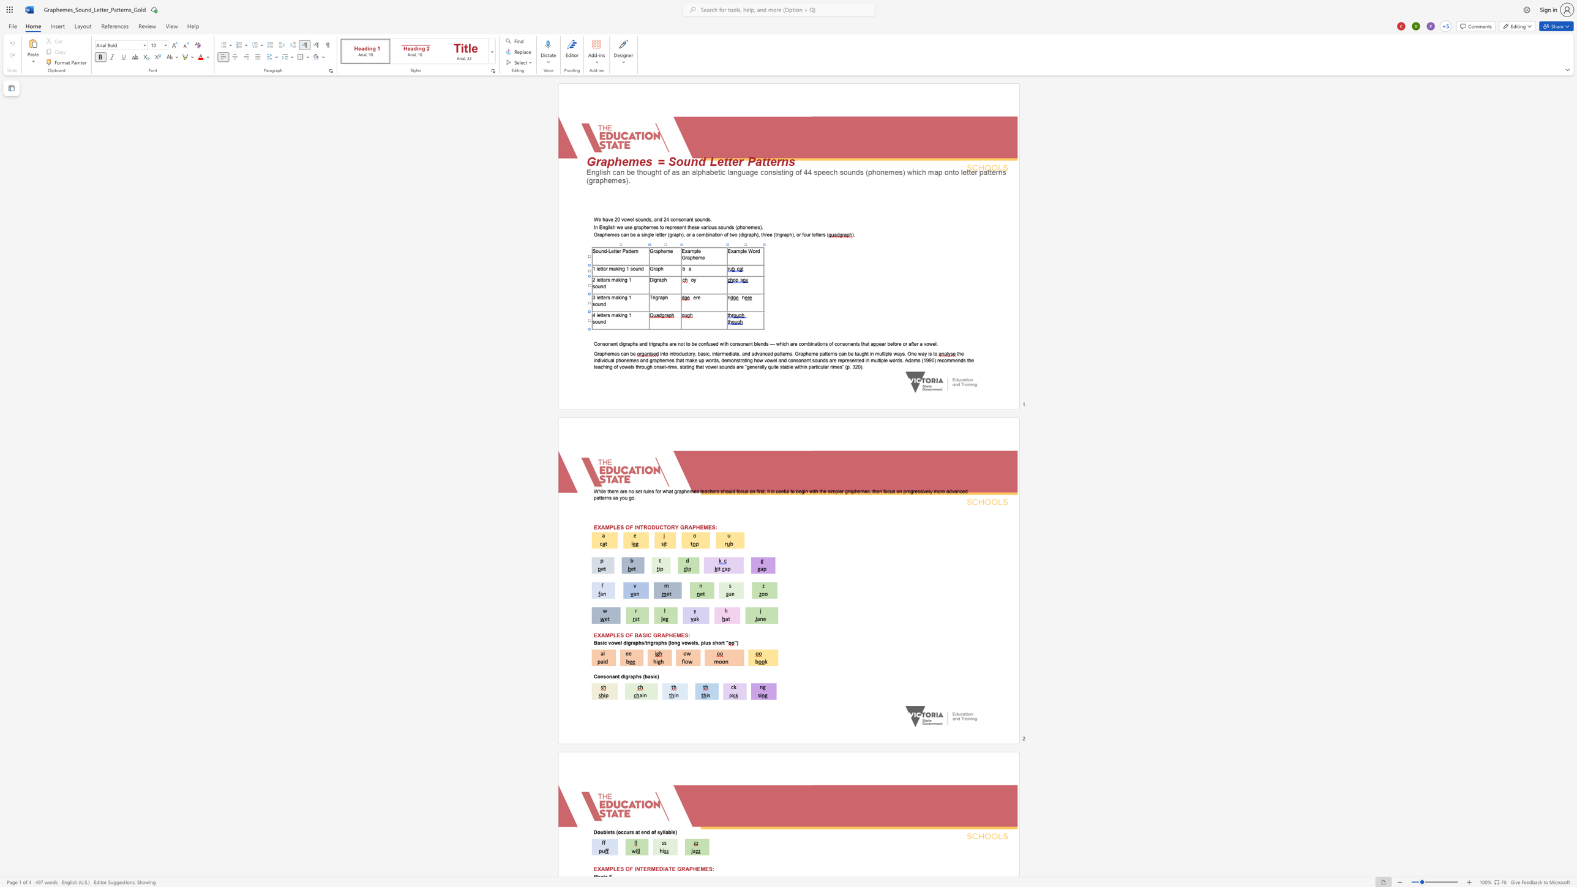  I want to click on the 2th character "w" in the text, so click(689, 643).